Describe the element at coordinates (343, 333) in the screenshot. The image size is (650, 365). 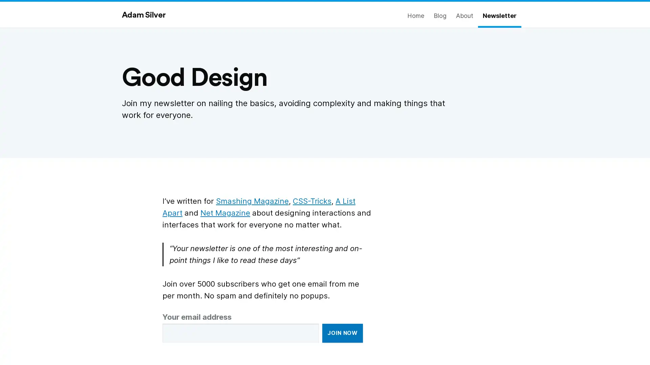
I see `Join now` at that location.